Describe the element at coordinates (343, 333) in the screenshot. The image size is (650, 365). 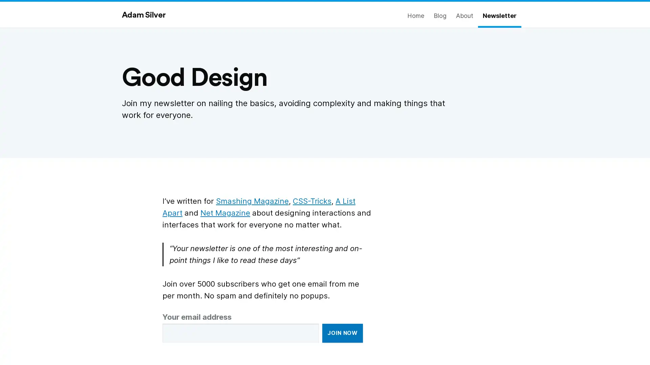
I see `Join now` at that location.